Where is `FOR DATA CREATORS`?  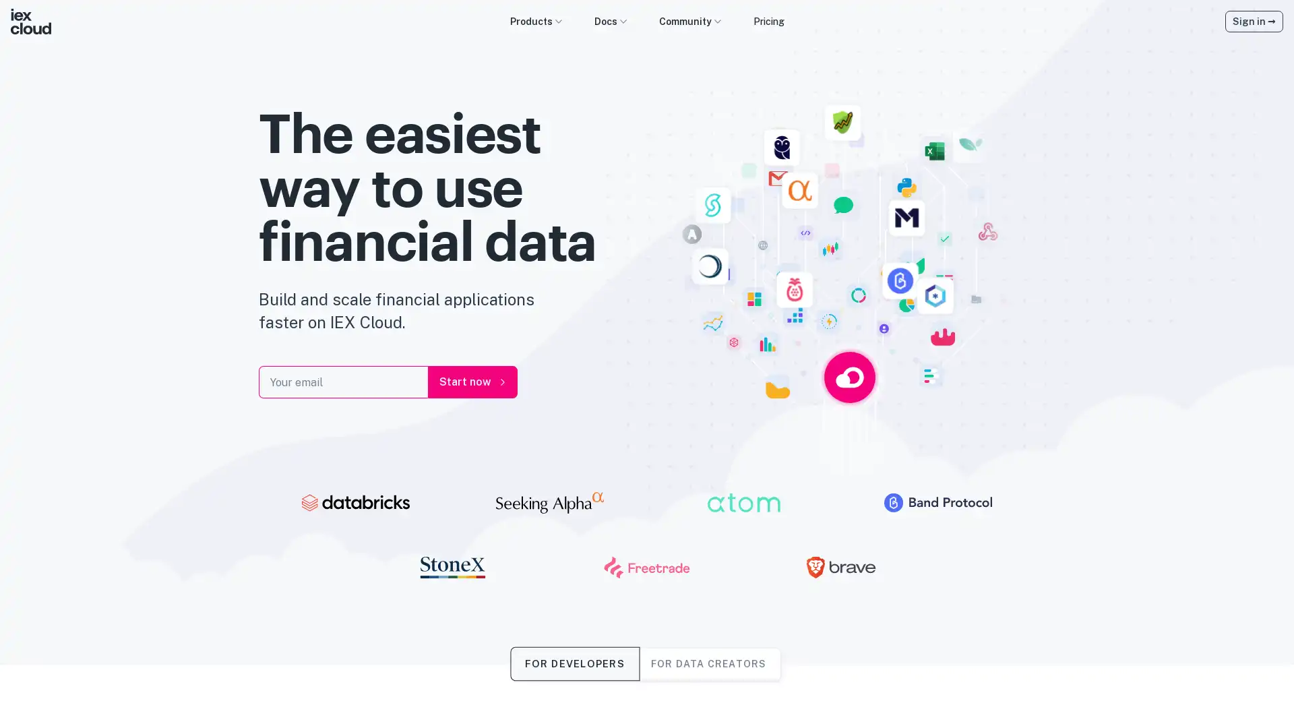
FOR DATA CREATORS is located at coordinates (708, 663).